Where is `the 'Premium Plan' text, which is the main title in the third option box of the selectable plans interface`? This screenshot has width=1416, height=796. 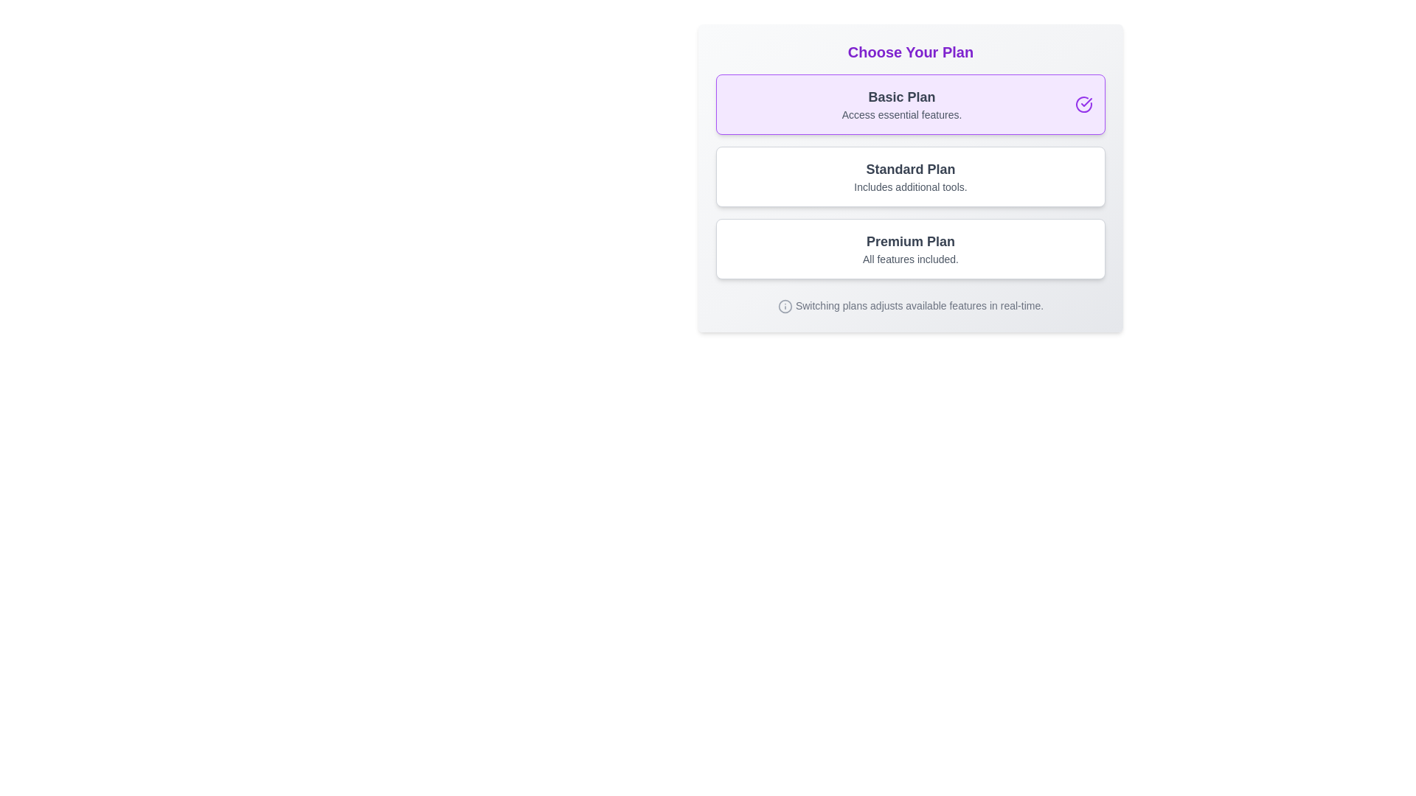
the 'Premium Plan' text, which is the main title in the third option box of the selectable plans interface is located at coordinates (909, 240).